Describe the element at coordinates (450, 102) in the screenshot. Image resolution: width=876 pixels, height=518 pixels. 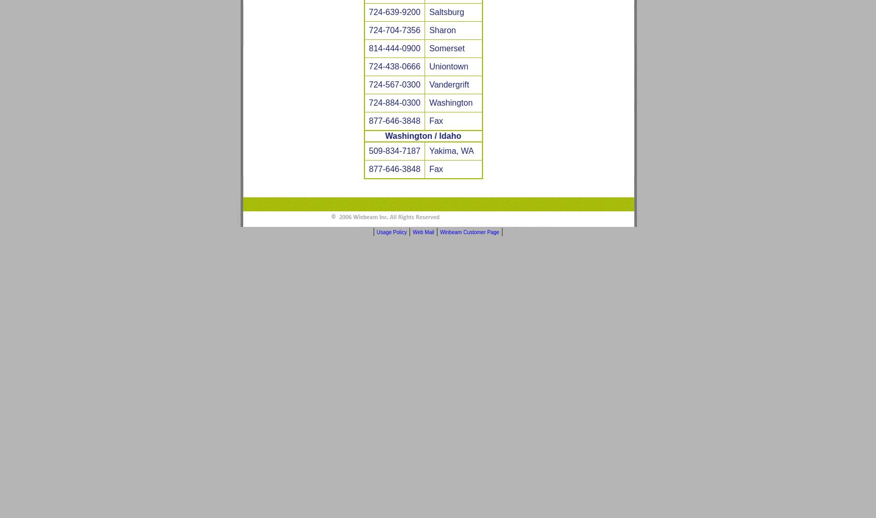
I see `'Washington'` at that location.